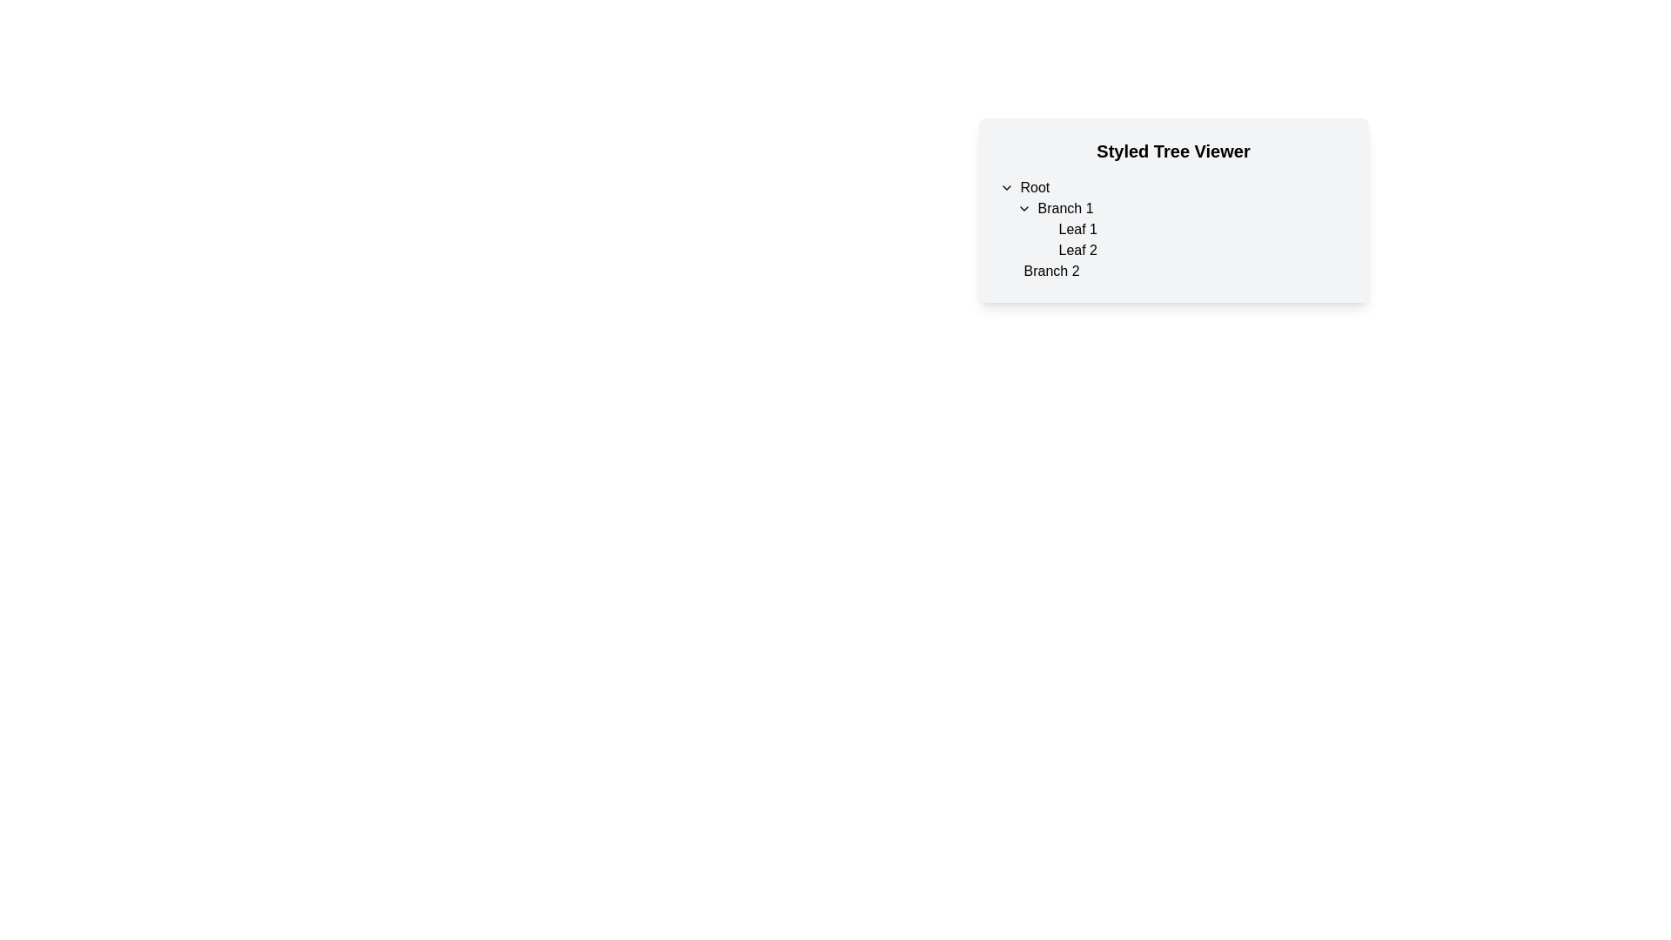 The width and height of the screenshot is (1671, 940). I want to click on the 'Branch 1' tree node, so click(1173, 228).